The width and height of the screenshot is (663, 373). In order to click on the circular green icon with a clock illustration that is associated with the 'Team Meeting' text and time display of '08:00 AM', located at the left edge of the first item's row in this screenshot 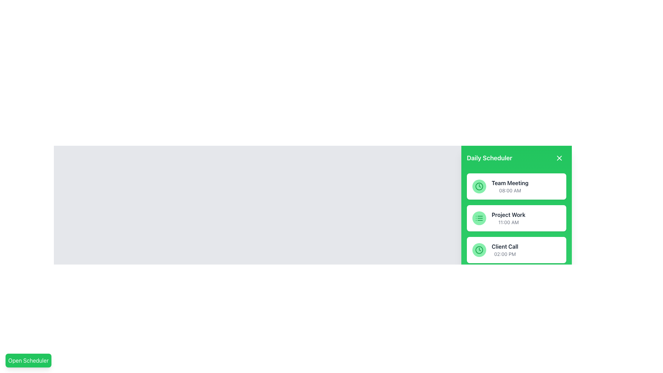, I will do `click(479, 186)`.